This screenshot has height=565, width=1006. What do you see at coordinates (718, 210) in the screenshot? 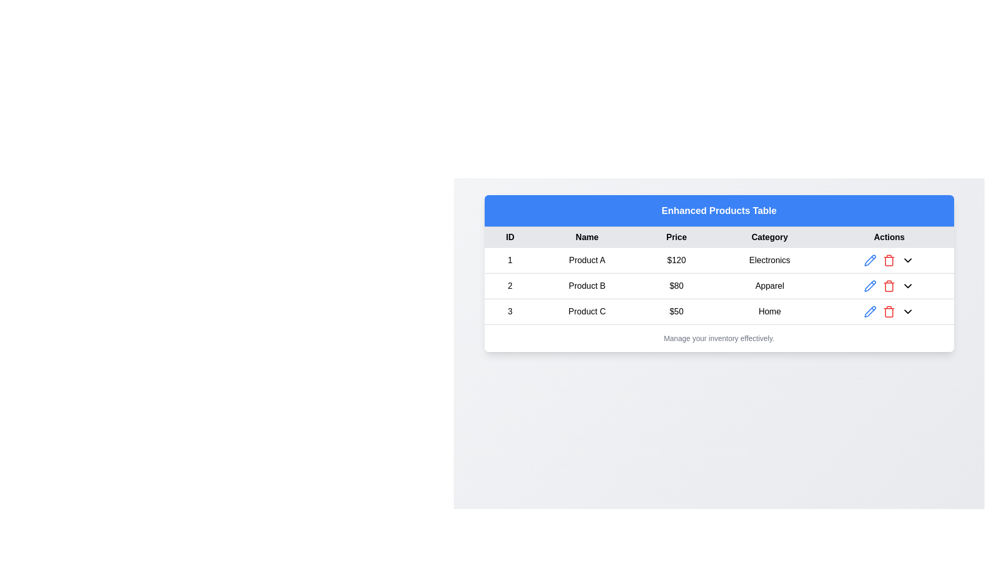
I see `the text label that reads 'Enhanced Products Table', which is styled in bold, large white font centered within a blue background bar at the top of the table` at bounding box center [718, 210].